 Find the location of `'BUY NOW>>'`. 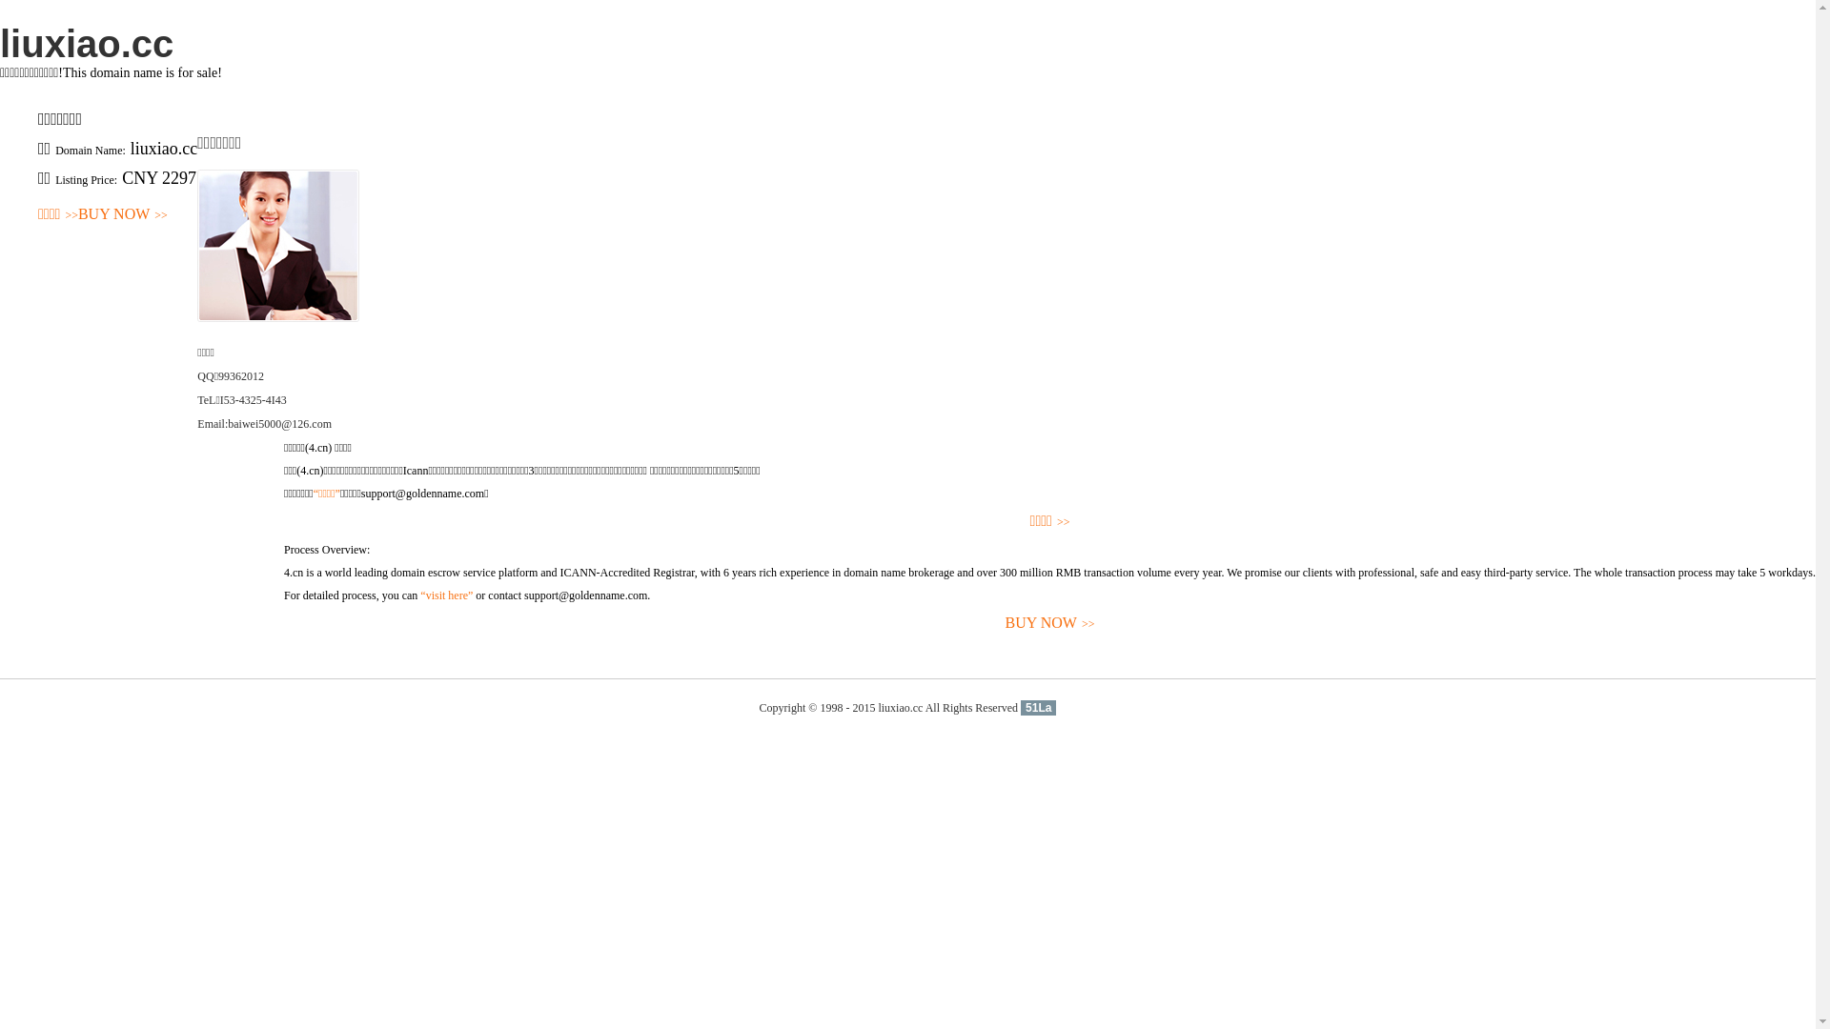

'BUY NOW>>' is located at coordinates (122, 214).